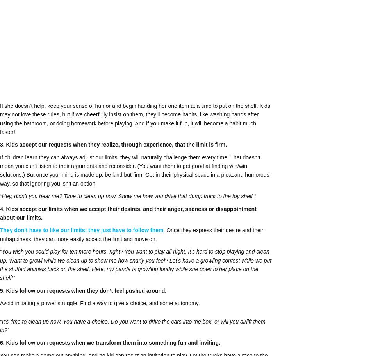 This screenshot has height=356, width=371. Describe the element at coordinates (131, 234) in the screenshot. I see `'. Once they express their desire and their unhappiness, they can more easily accept the limit and move on.'` at that location.